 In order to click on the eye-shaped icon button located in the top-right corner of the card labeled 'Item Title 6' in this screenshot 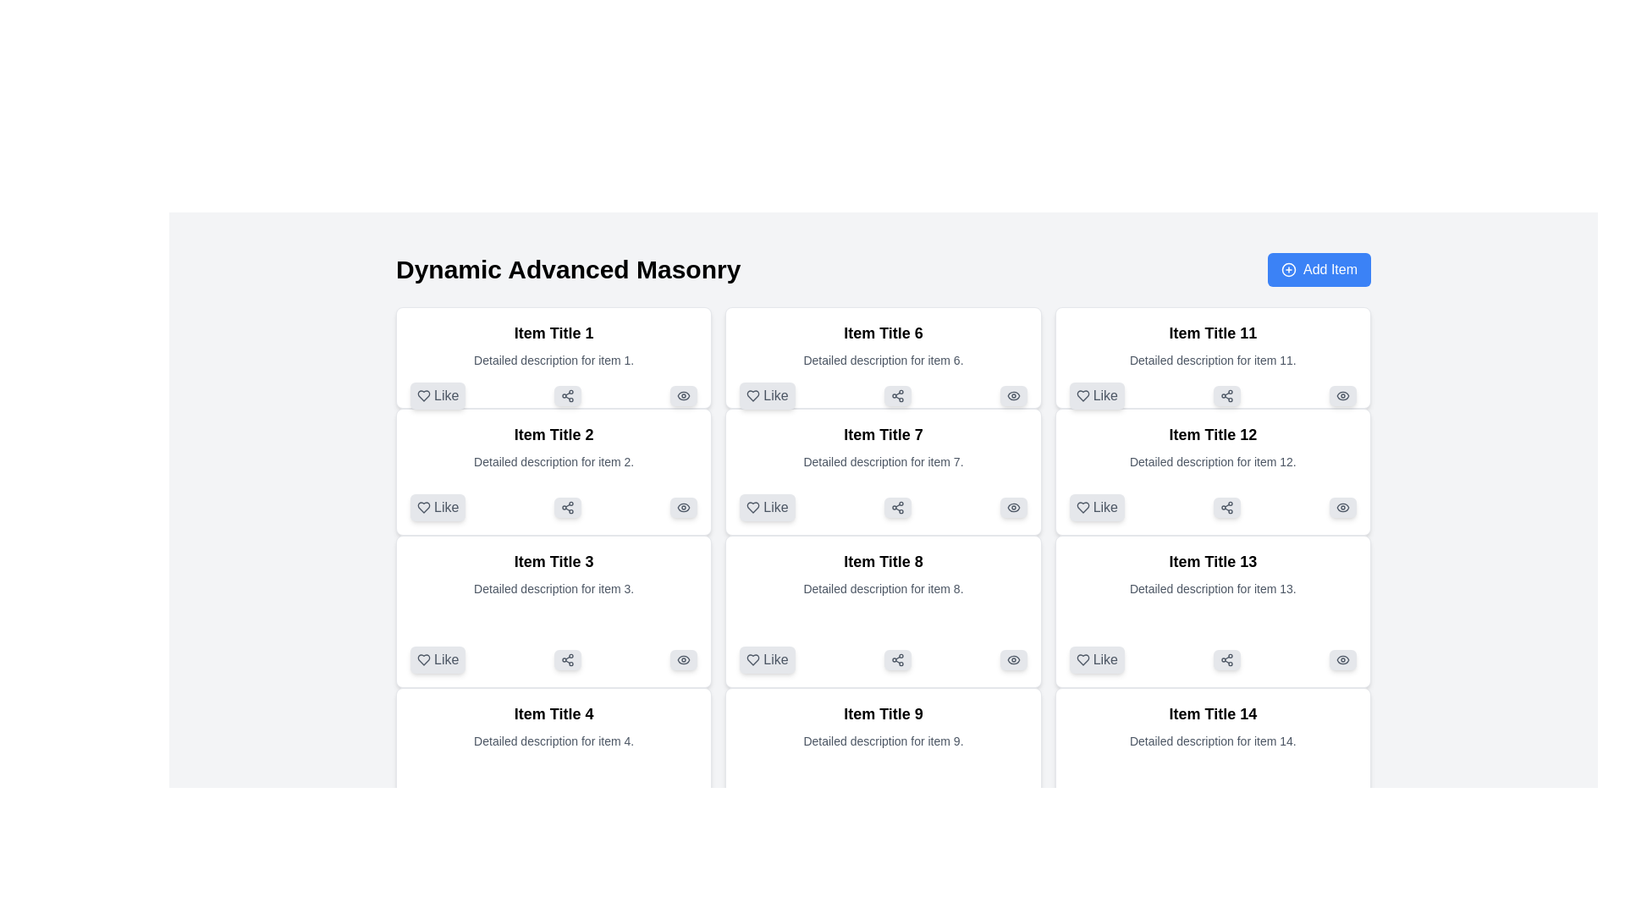, I will do `click(1013, 395)`.